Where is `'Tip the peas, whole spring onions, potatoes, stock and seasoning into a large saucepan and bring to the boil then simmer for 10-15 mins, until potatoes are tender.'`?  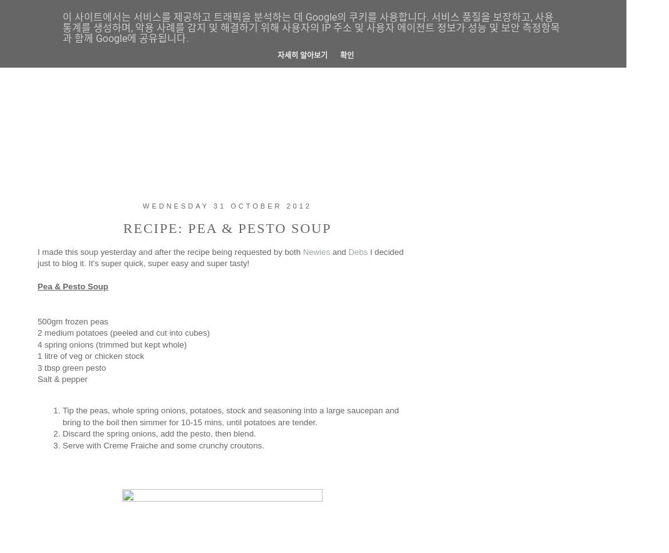 'Tip the peas, whole spring onions, potatoes, stock and seasoning into a large saucepan and bring to the boil then simmer for 10-15 mins, until potatoes are tender.' is located at coordinates (230, 415).